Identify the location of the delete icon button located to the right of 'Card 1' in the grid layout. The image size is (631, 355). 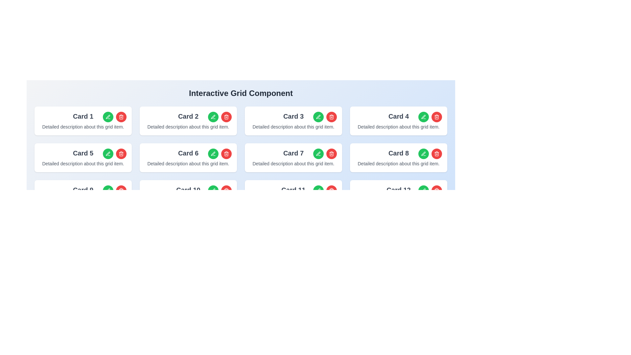
(121, 116).